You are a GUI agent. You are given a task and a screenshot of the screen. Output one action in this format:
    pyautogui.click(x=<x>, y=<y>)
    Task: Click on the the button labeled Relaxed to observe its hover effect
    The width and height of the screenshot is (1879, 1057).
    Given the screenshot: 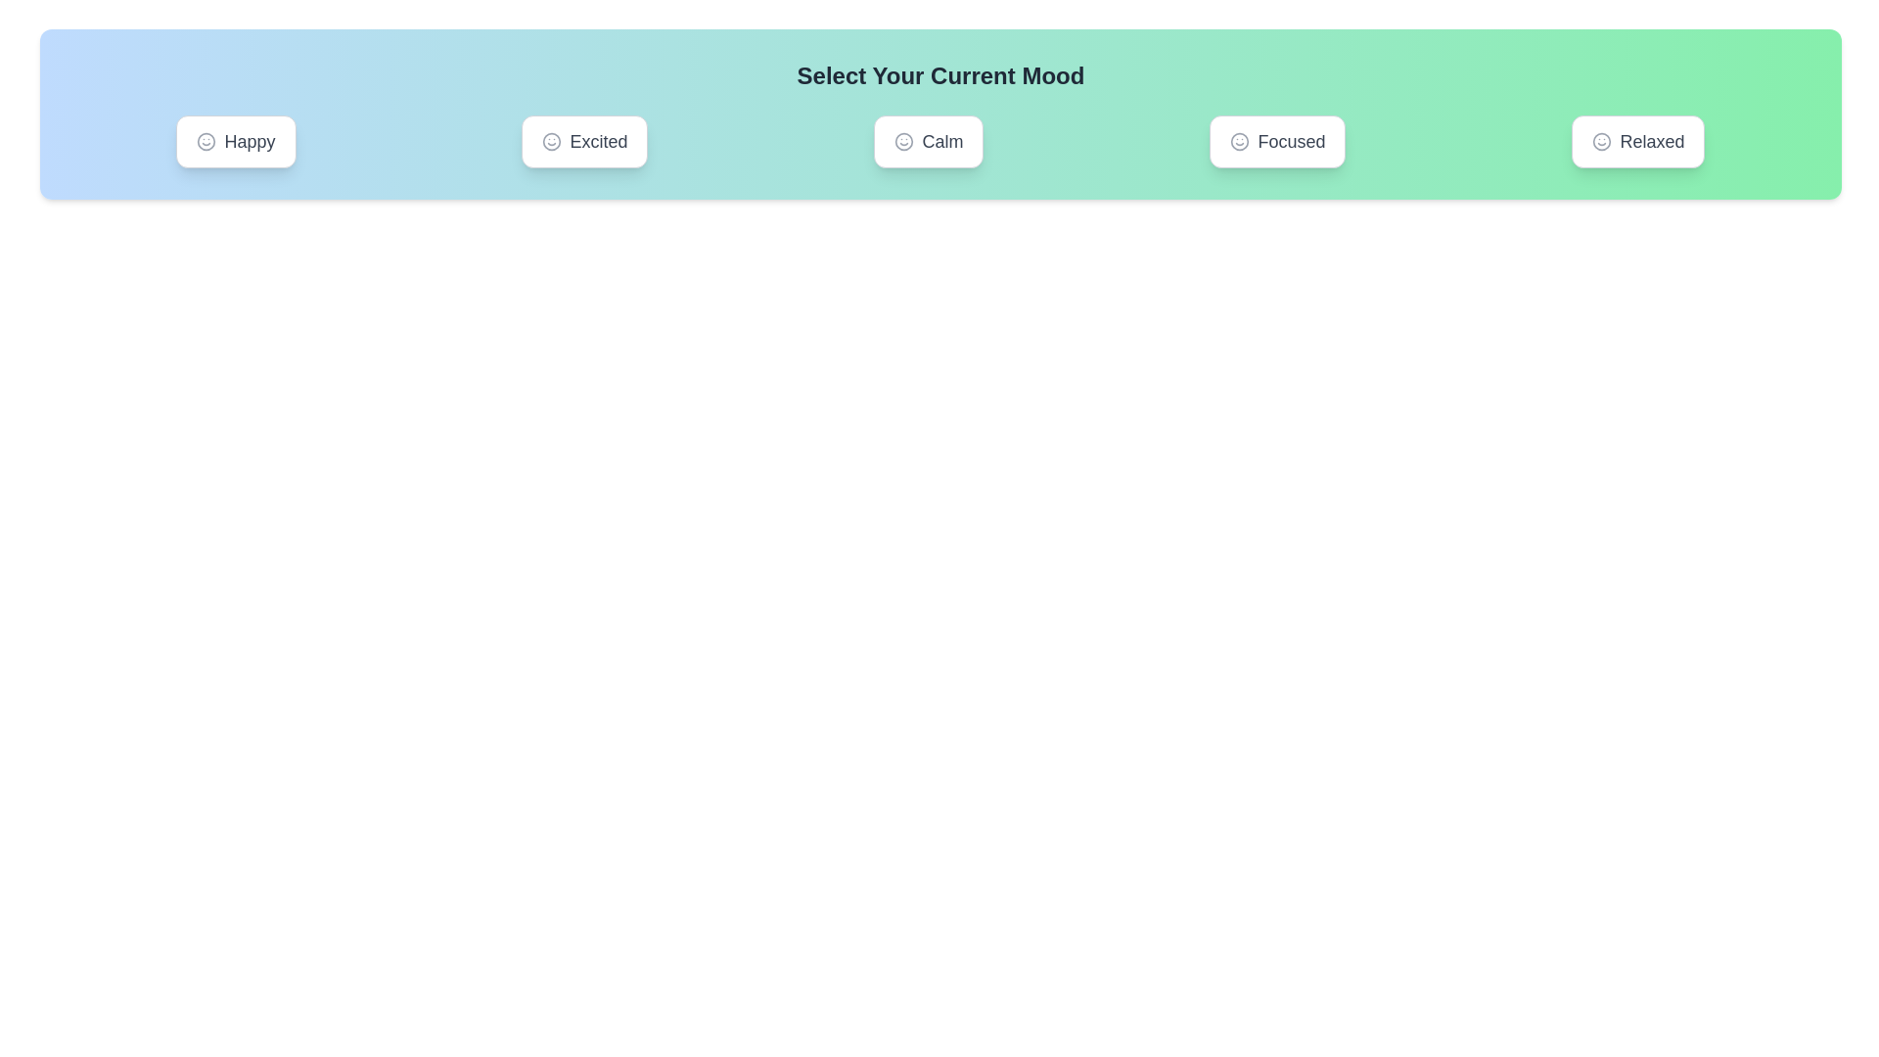 What is the action you would take?
    pyautogui.click(x=1638, y=141)
    